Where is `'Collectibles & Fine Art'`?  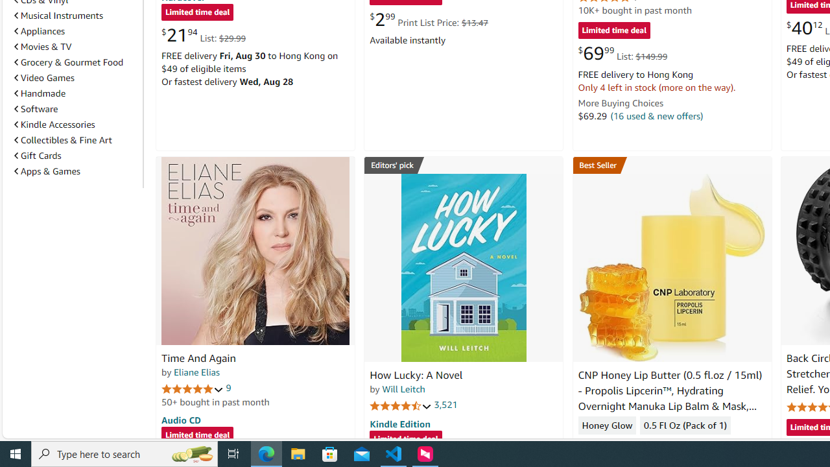 'Collectibles & Fine Art' is located at coordinates (75, 140).